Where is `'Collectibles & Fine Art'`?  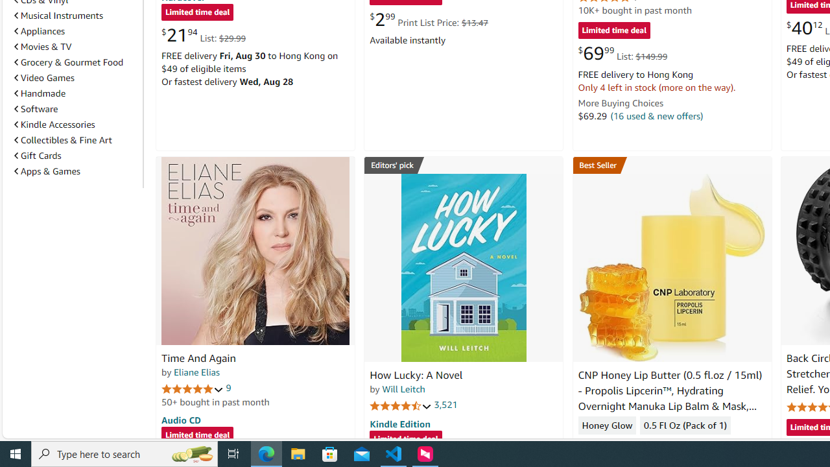 'Collectibles & Fine Art' is located at coordinates (75, 140).